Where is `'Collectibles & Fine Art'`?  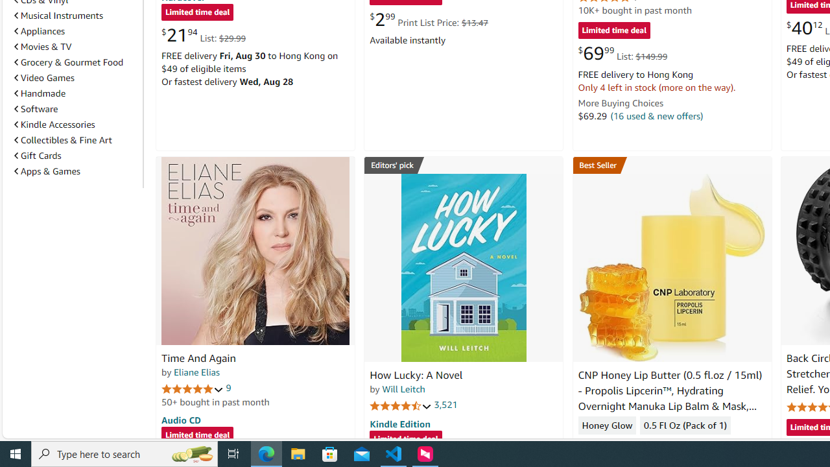 'Collectibles & Fine Art' is located at coordinates (75, 140).